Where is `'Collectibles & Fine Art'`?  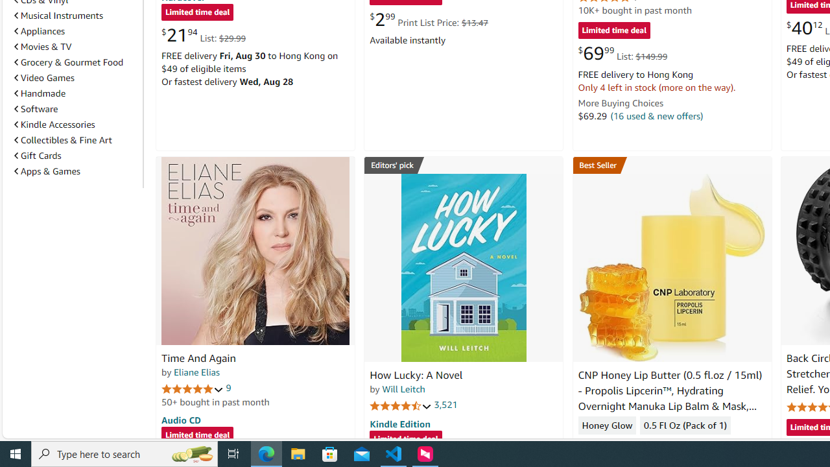 'Collectibles & Fine Art' is located at coordinates (75, 140).